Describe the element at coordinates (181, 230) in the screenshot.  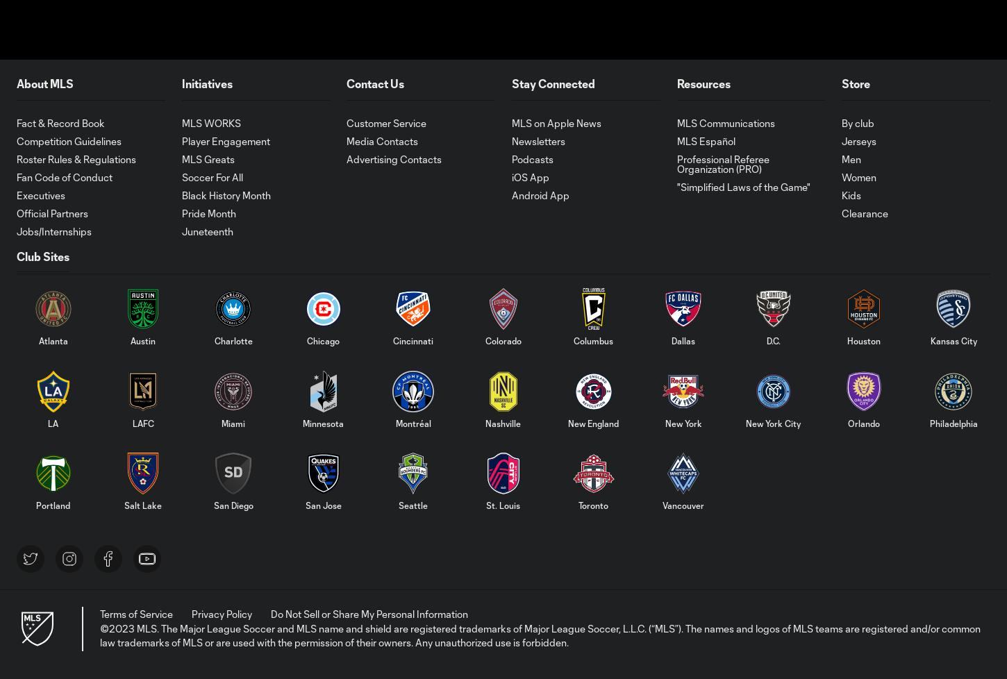
I see `'Juneteenth'` at that location.